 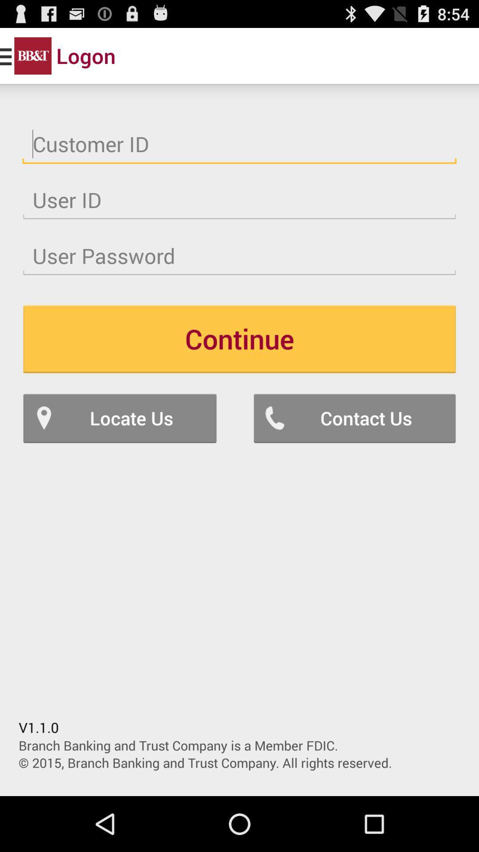 I want to click on contact us icon, so click(x=354, y=418).